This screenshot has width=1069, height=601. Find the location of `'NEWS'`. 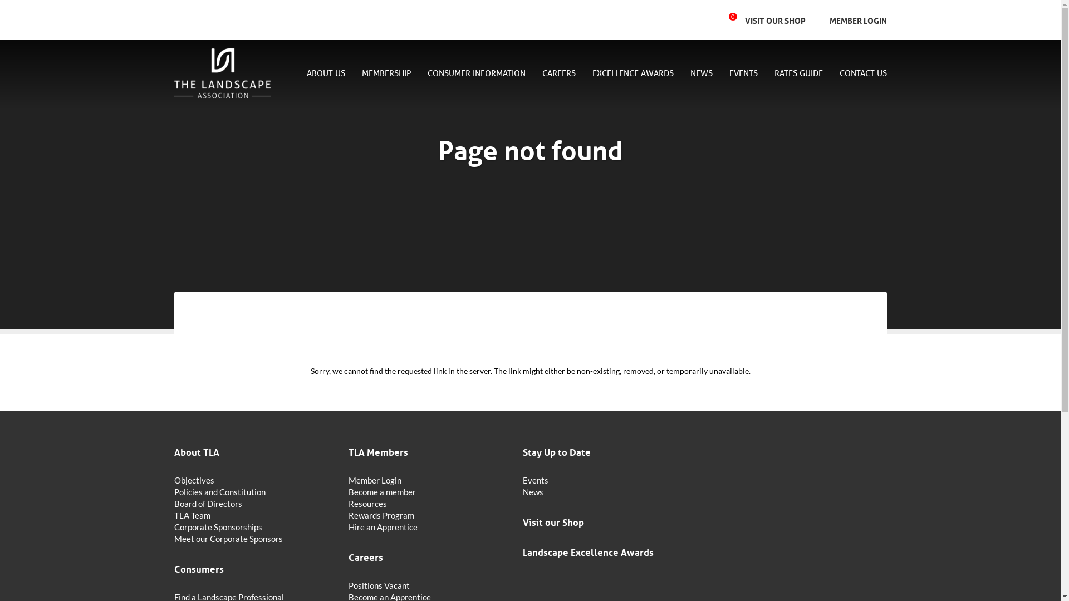

'NEWS' is located at coordinates (700, 74).